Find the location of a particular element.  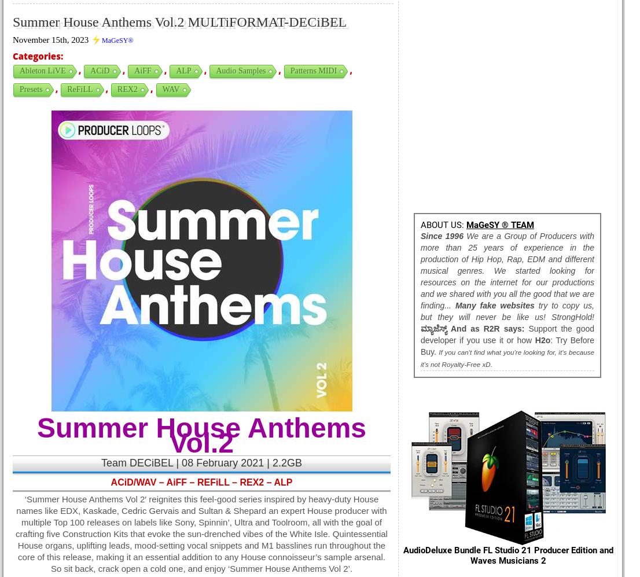

'H2o' is located at coordinates (542, 340).